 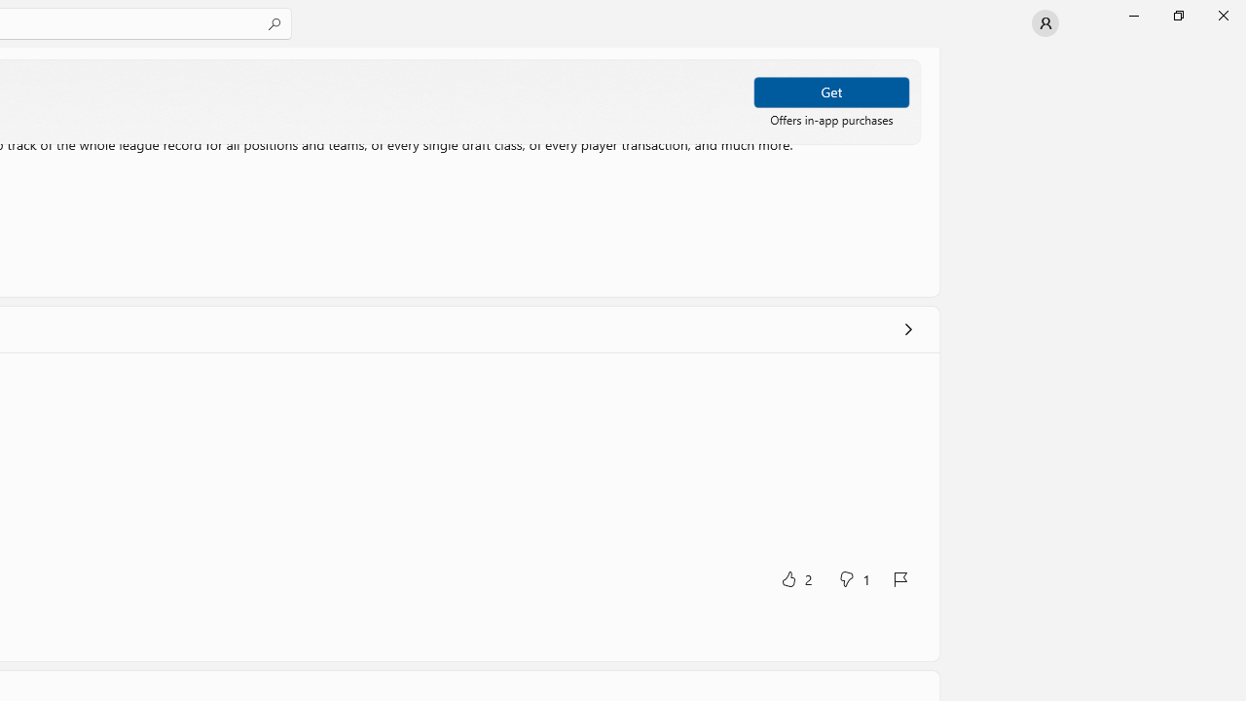 What do you see at coordinates (1133, 15) in the screenshot?
I see `'Minimize Microsoft Store'` at bounding box center [1133, 15].